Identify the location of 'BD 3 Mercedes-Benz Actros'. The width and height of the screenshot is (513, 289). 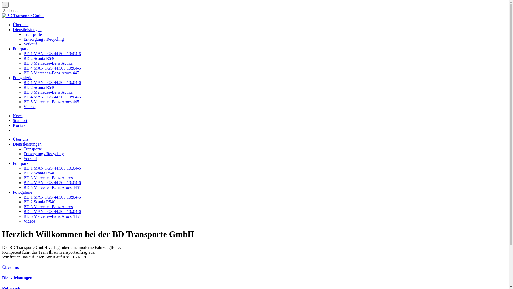
(23, 63).